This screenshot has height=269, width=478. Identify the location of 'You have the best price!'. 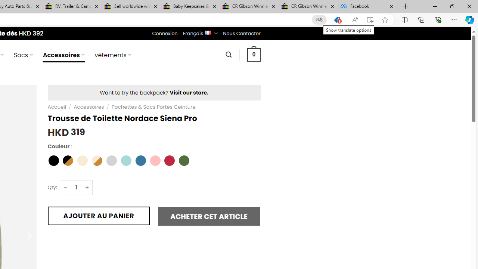
(337, 19).